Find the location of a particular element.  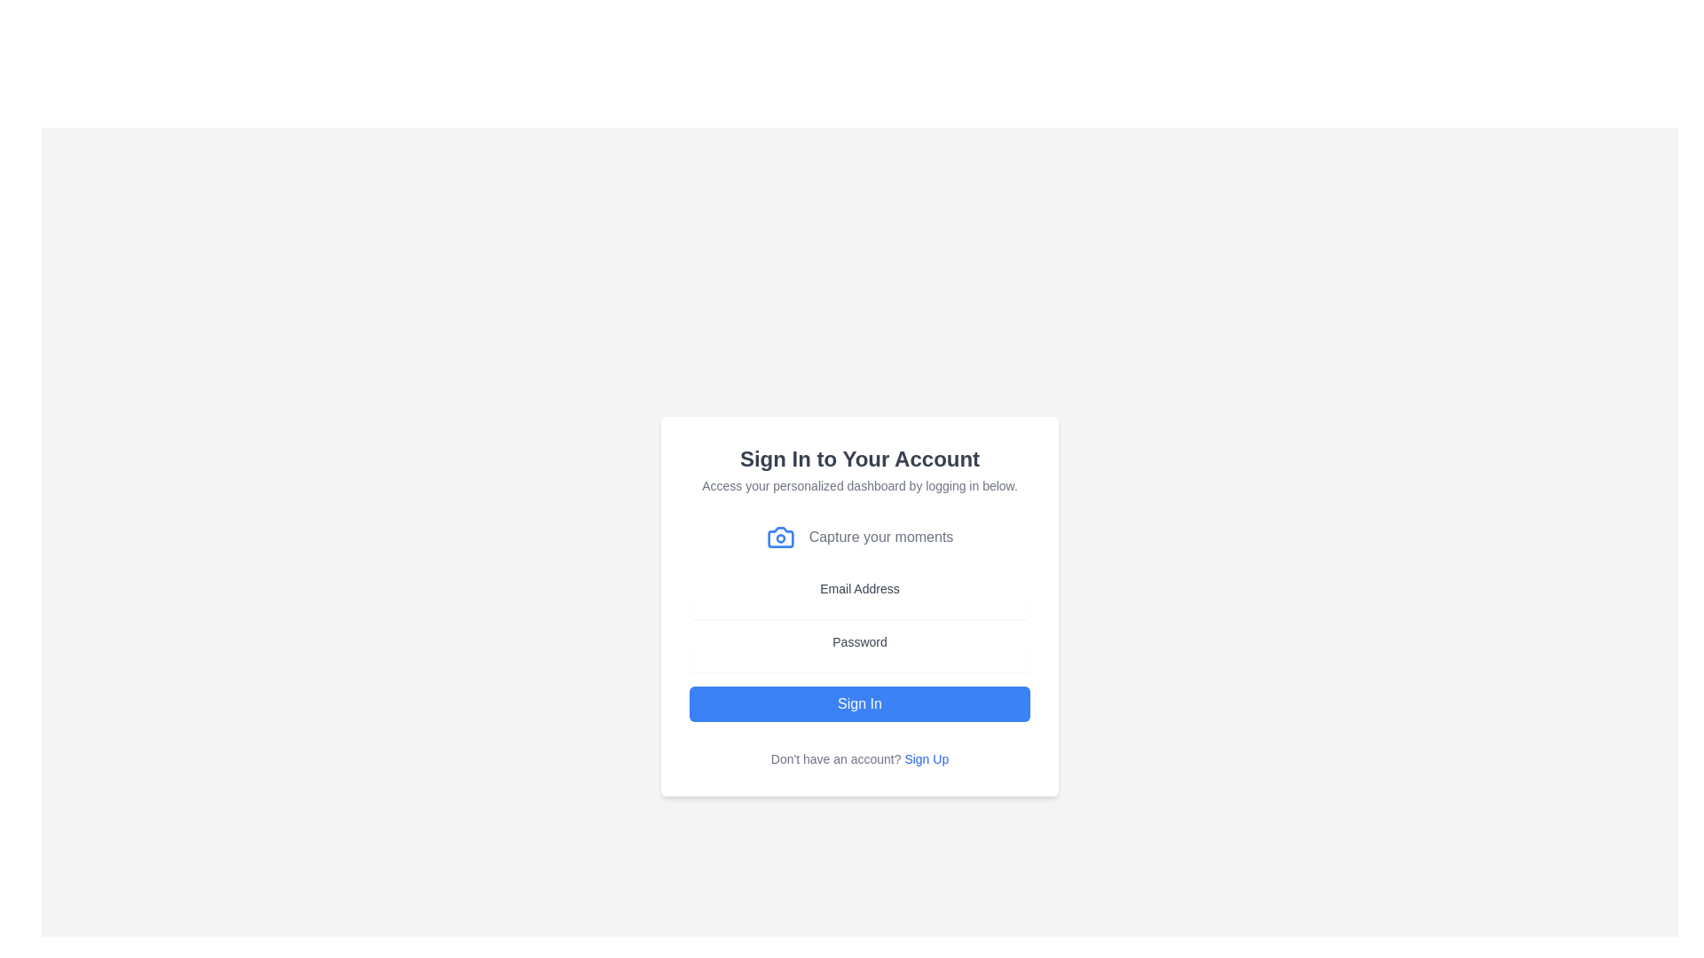

the decorative element of the camera icon located to the left of the text 'Capture your moments', which represents the top shape of the camera body is located at coordinates (780, 536).